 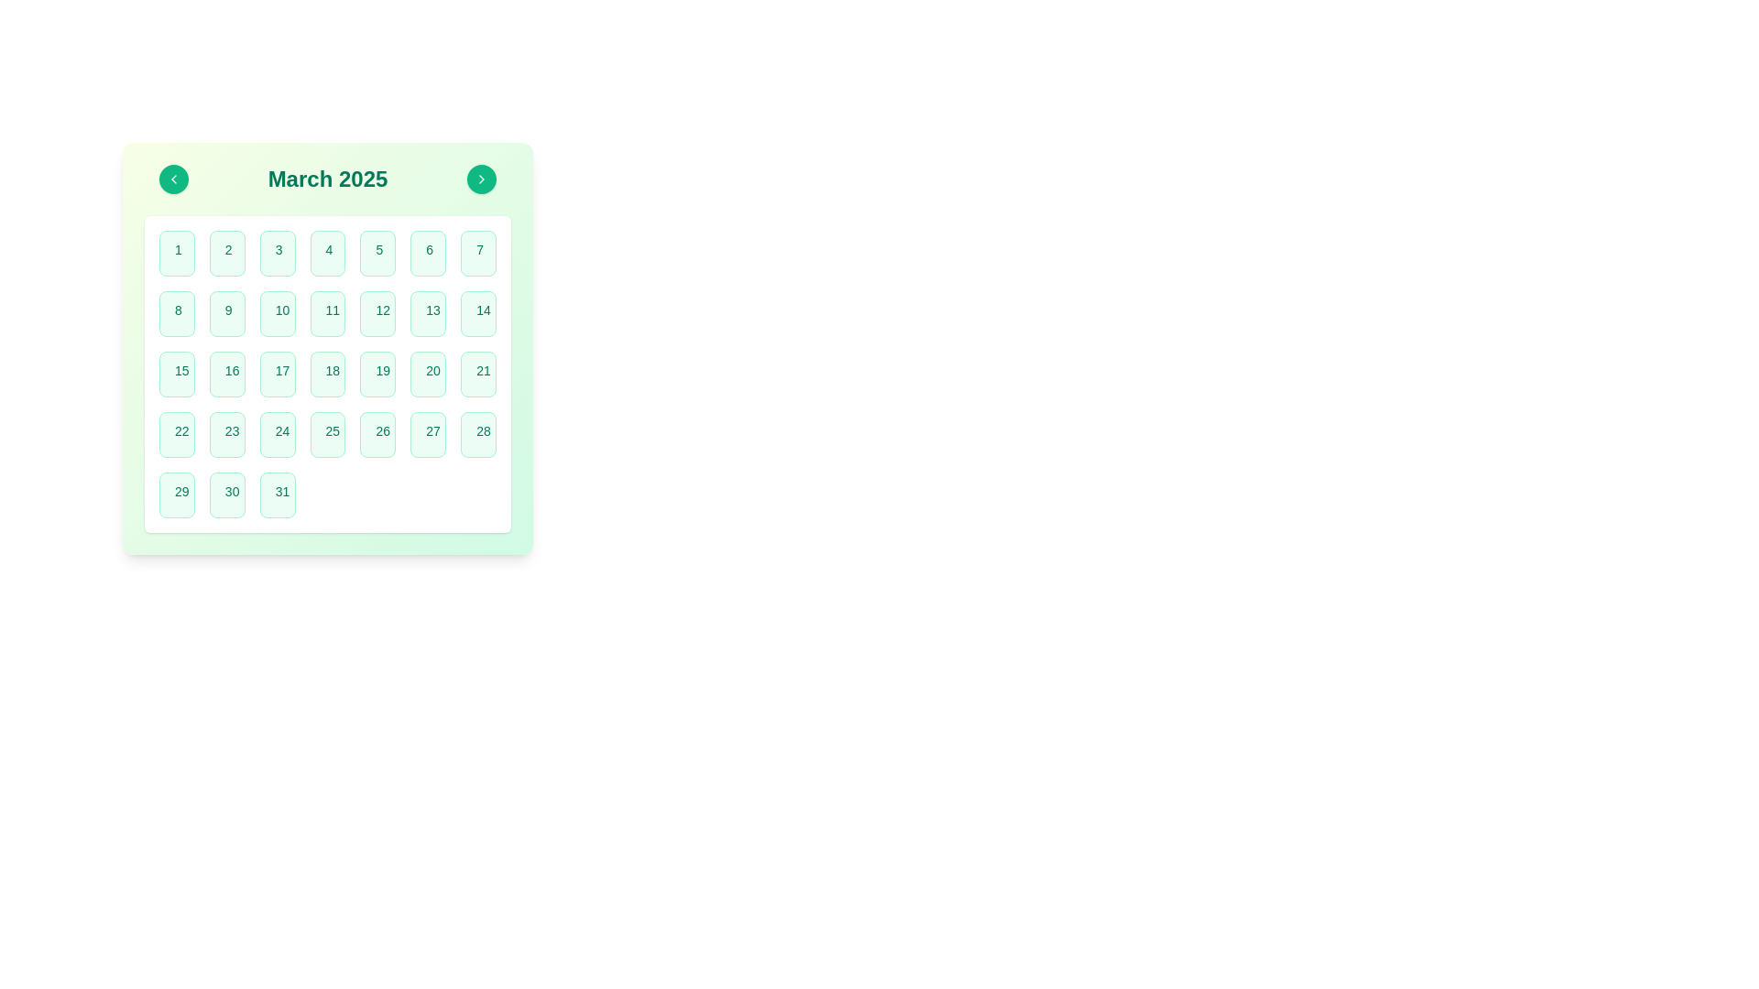 What do you see at coordinates (427, 254) in the screenshot?
I see `the Calendar day button displaying the number '6' with a pale green background` at bounding box center [427, 254].